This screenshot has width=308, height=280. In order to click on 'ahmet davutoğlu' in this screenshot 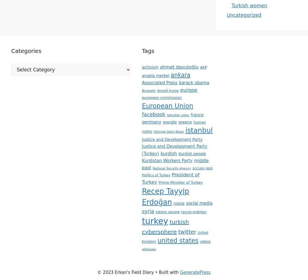, I will do `click(179, 67)`.